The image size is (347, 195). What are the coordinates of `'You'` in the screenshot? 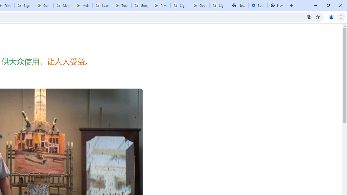 It's located at (331, 17).